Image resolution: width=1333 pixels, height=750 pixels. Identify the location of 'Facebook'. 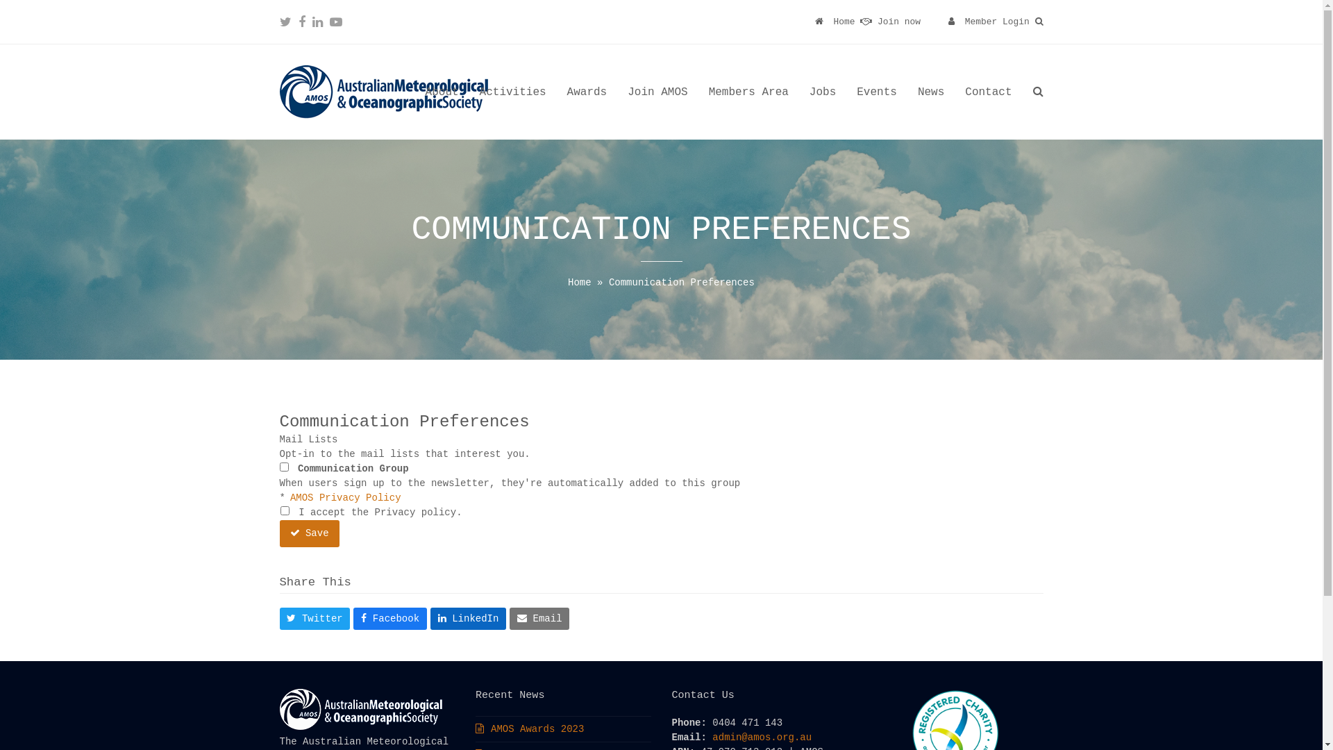
(298, 22).